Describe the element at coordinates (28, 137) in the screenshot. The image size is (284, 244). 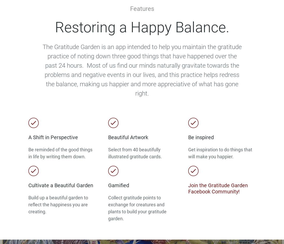
I see `'A Shift in Perspective'` at that location.